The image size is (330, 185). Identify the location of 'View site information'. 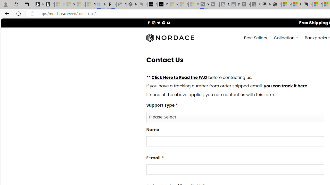
(32, 13).